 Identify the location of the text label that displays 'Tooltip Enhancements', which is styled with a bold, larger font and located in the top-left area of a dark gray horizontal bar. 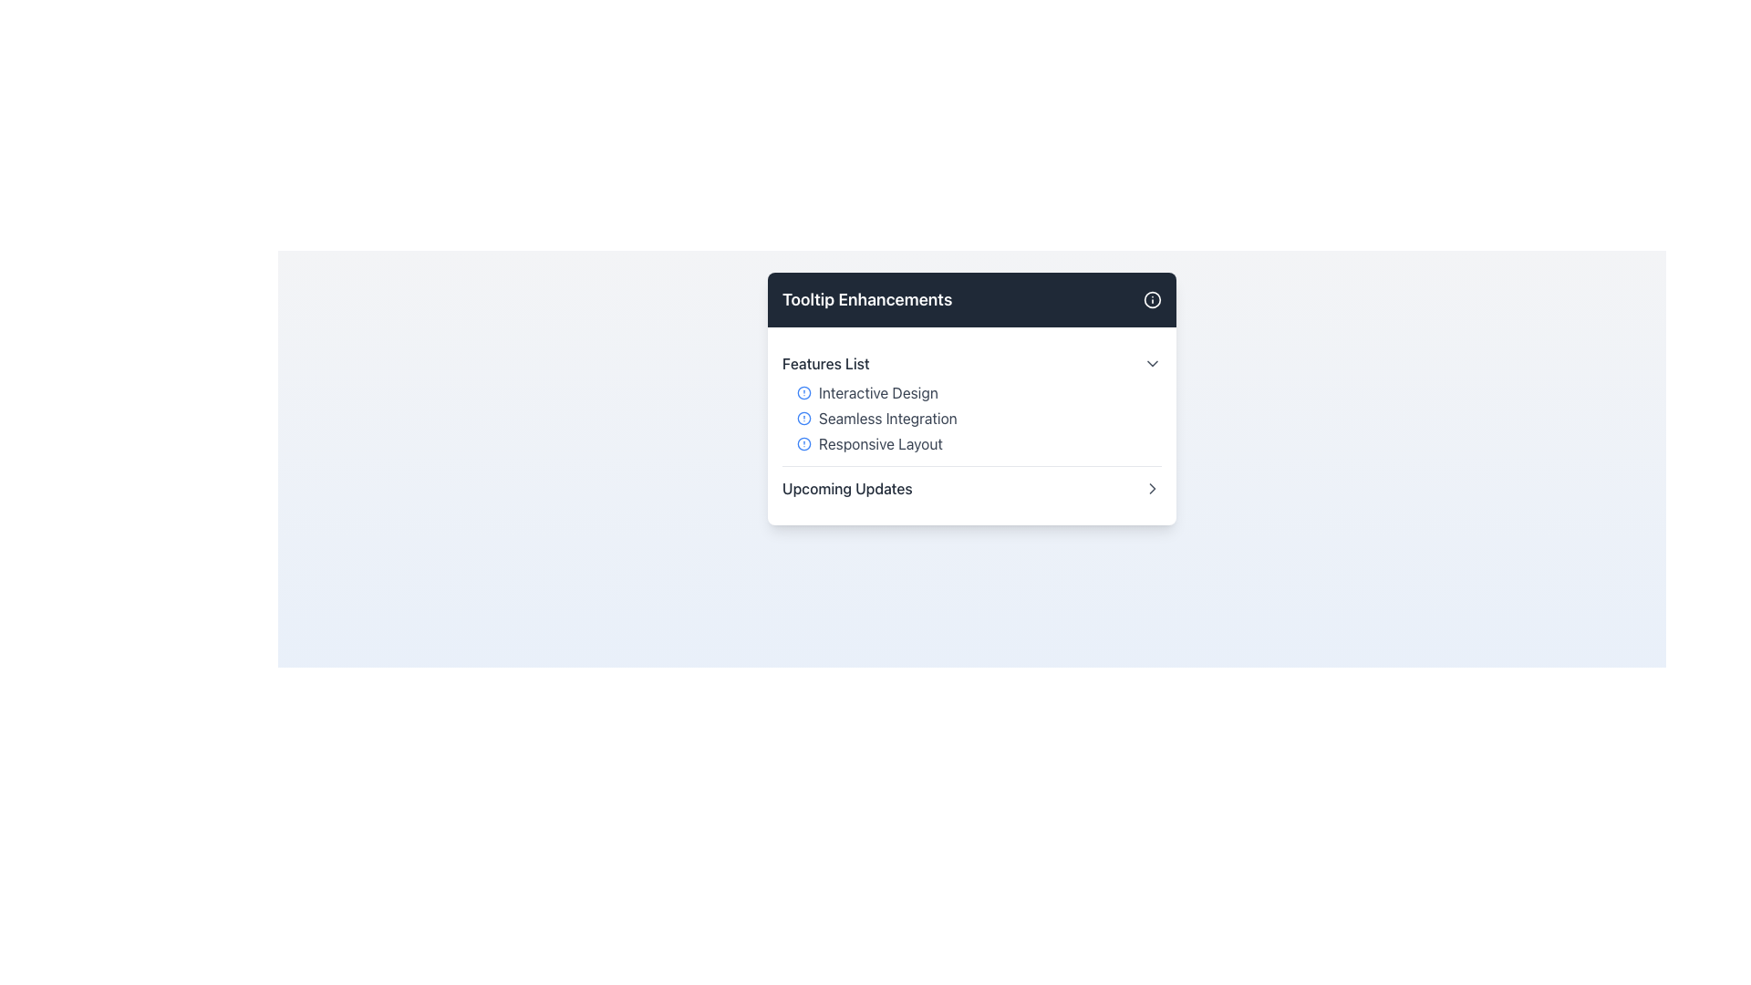
(866, 298).